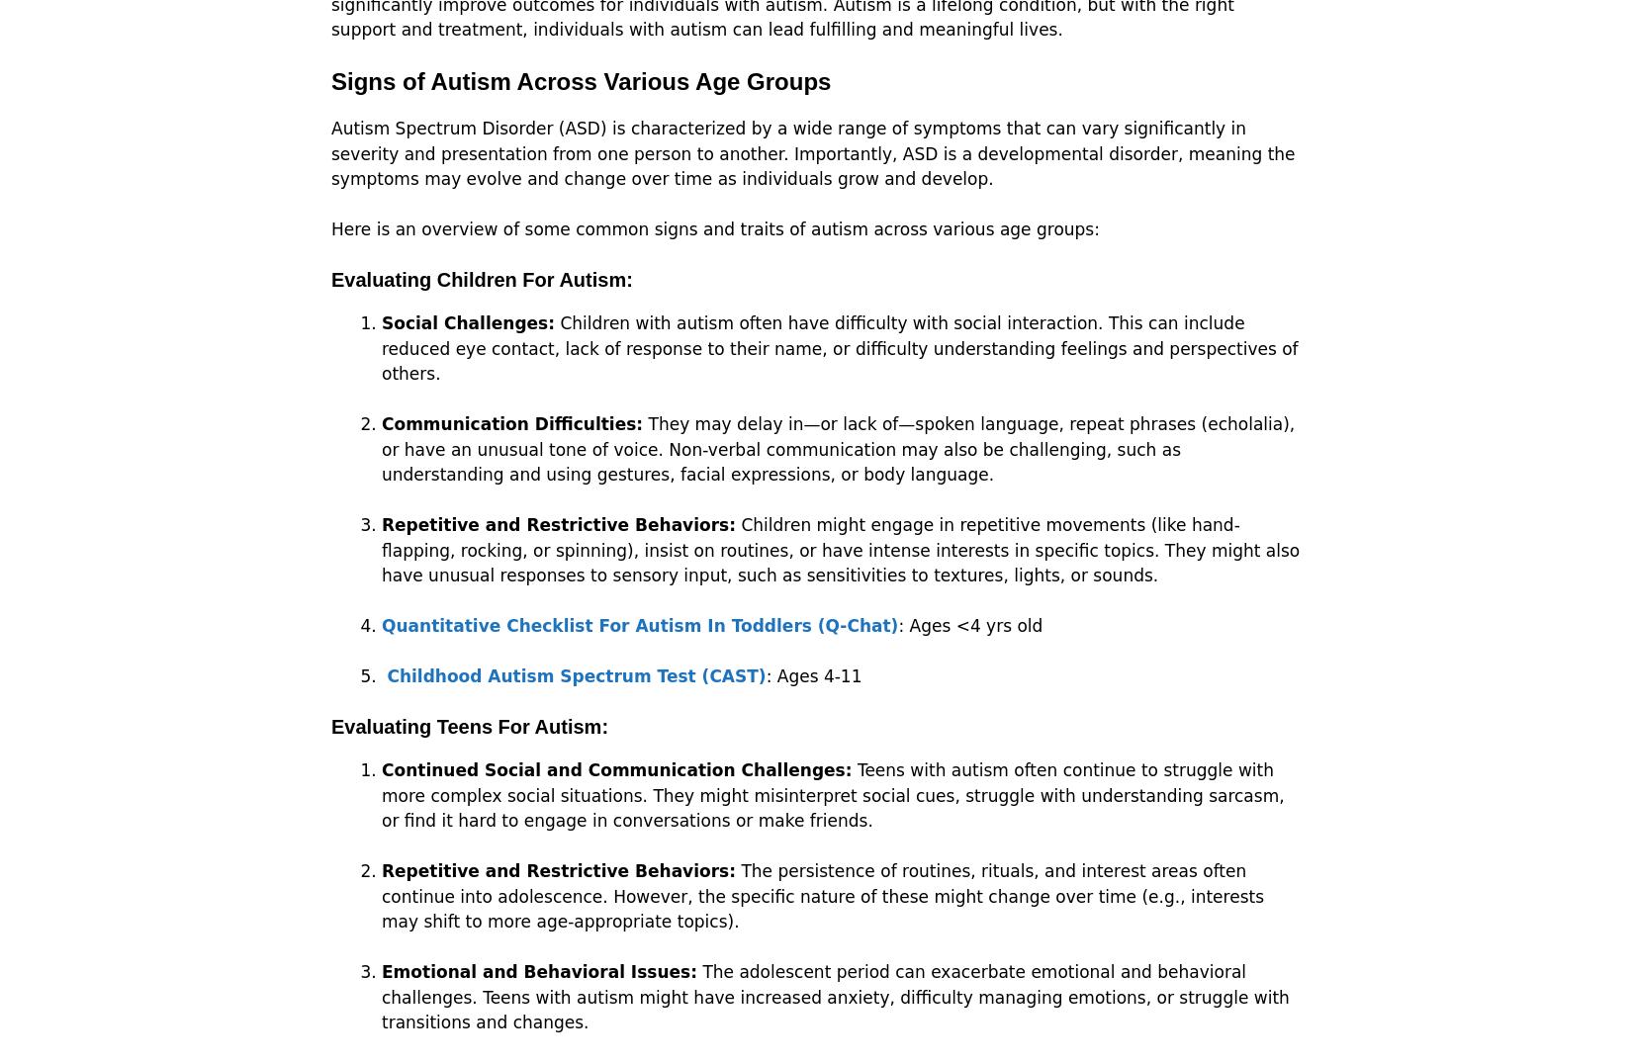  I want to click on 'Autism Spectrum Disorder (ASD) is characterized by a wide range of symptoms that can vary significantly in severity and presentation from one person to another. Importantly, ASD is a developmental disorder, meaning the symptoms may evolve and change over time as individuals grow and develop.', so click(812, 153).